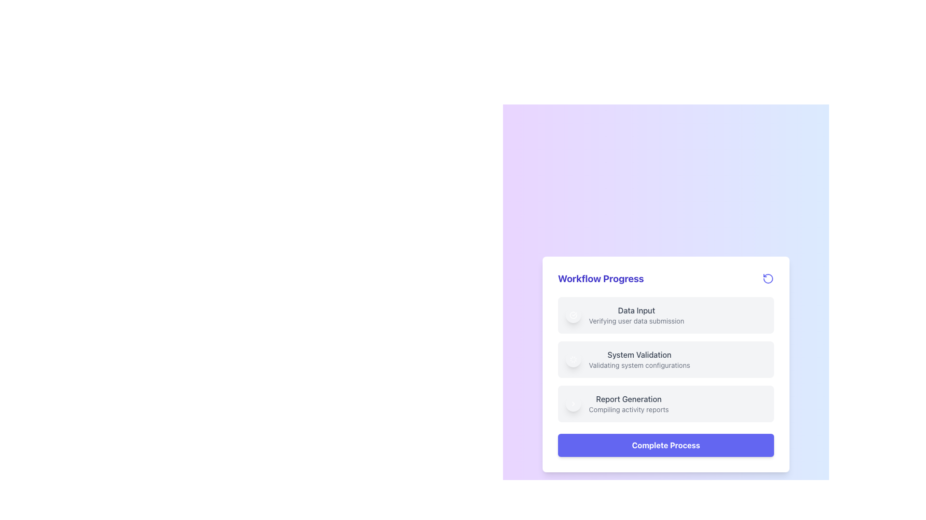 The width and height of the screenshot is (926, 520). What do you see at coordinates (666, 404) in the screenshot?
I see `the informational card labeled 'Report Generation' that is the third item in the 'Workflow Progress' card, positioned between 'System Validation' and the 'Complete Process' button` at bounding box center [666, 404].